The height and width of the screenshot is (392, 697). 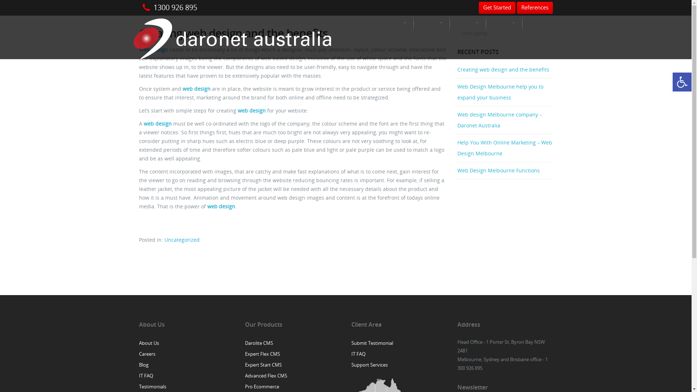 What do you see at coordinates (431, 23) in the screenshot?
I see `'Web Solutions'` at bounding box center [431, 23].